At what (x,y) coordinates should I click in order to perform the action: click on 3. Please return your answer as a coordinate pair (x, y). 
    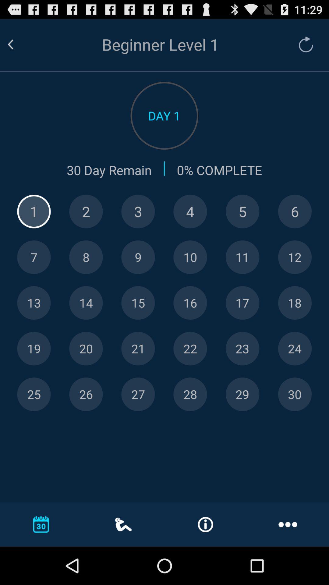
    Looking at the image, I should click on (138, 211).